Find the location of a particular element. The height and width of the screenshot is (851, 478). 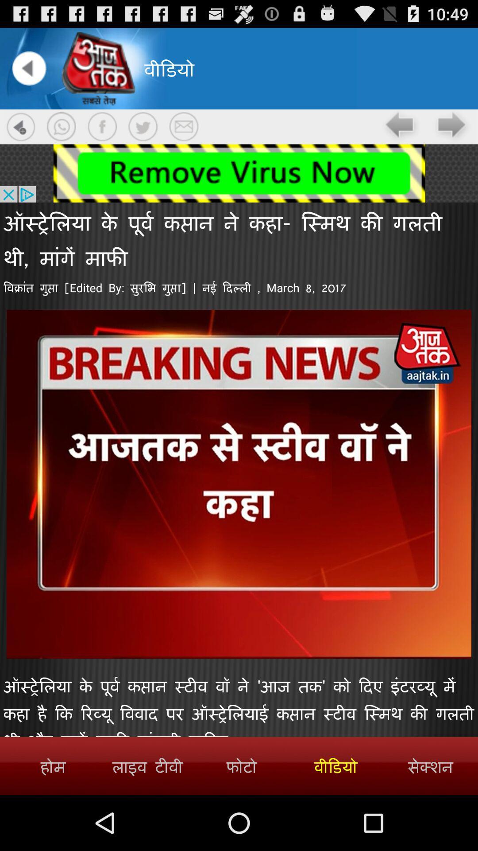

the twitter icon is located at coordinates (143, 135).